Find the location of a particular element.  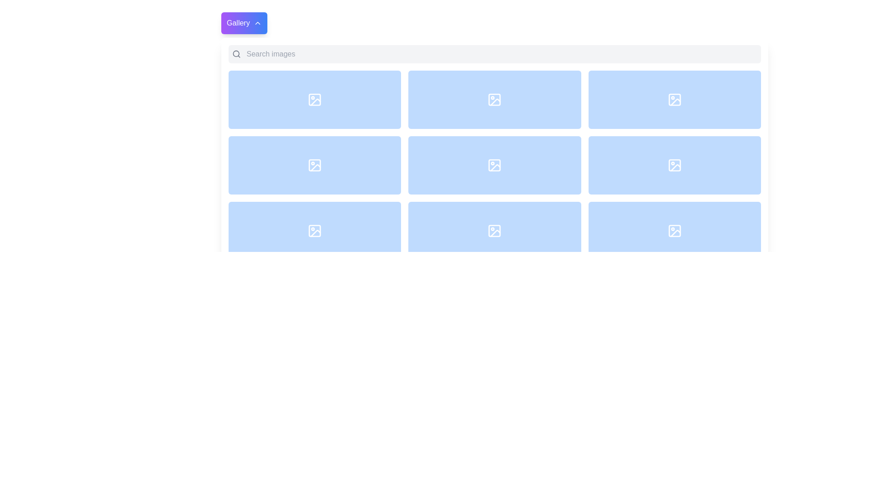

the small white image icon with a rectangular outline, located in the lower-right corner of the blue grid, specifically in the fourth row and third column is located at coordinates (674, 230).